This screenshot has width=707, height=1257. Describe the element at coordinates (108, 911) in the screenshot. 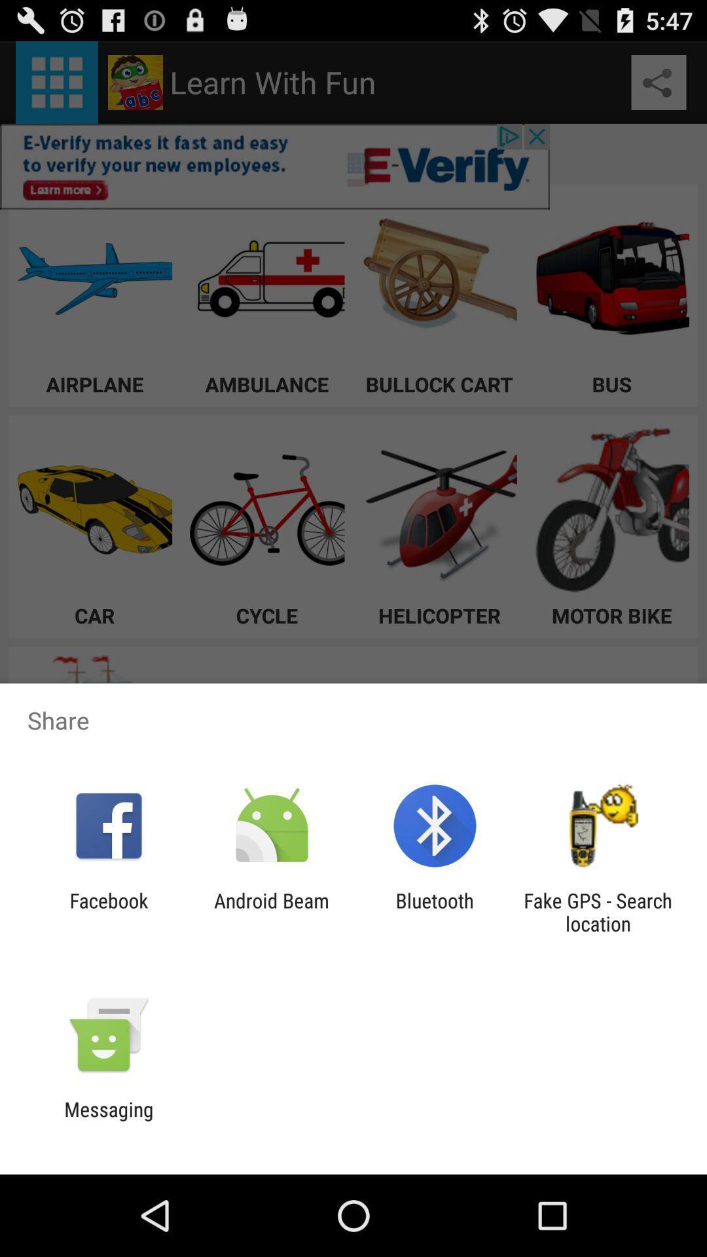

I see `facebook app` at that location.